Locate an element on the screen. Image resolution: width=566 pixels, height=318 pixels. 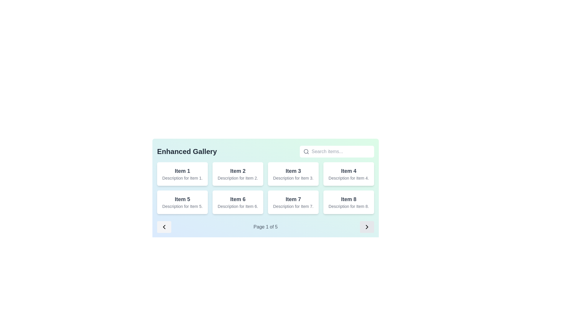
the icon button on the left side of the pagination control panel is located at coordinates (164, 227).